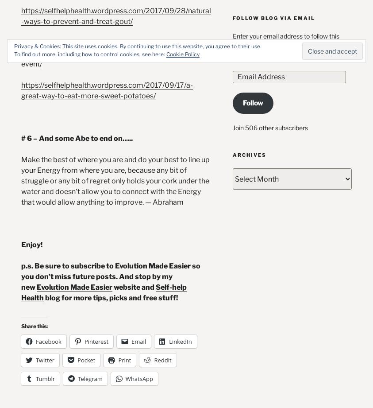 Image resolution: width=373 pixels, height=408 pixels. Describe the element at coordinates (270, 127) in the screenshot. I see `'Join 506 other subscribers'` at that location.